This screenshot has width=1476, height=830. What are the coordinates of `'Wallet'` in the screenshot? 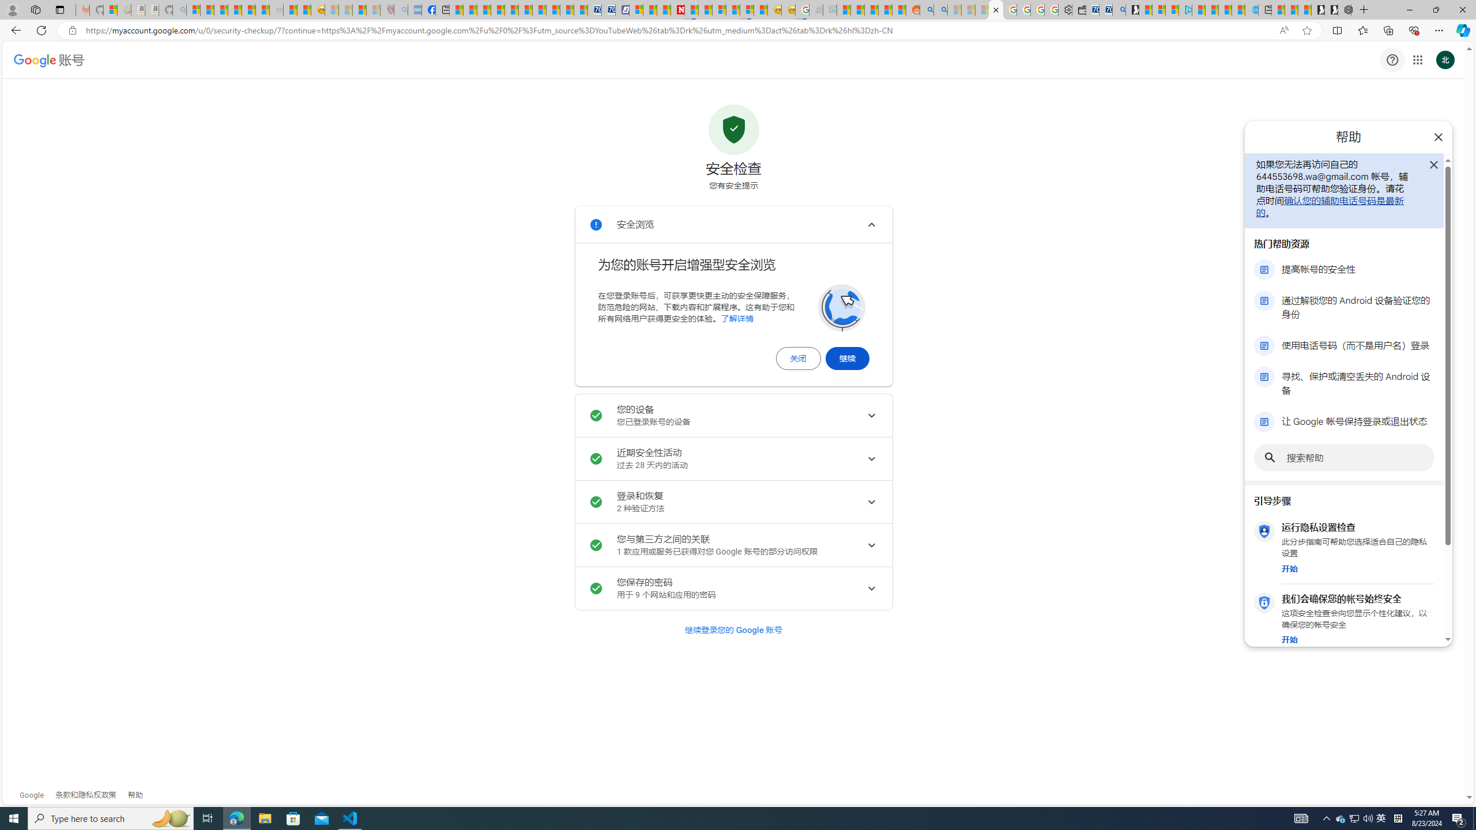 It's located at (1079, 9).